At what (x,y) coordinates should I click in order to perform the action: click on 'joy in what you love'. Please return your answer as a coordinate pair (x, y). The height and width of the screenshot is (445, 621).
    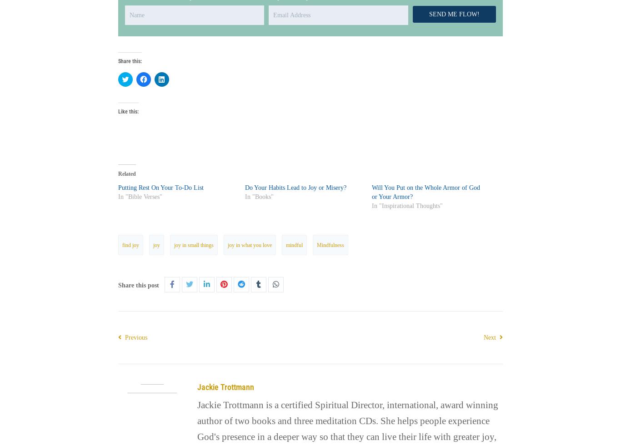
    Looking at the image, I should click on (249, 244).